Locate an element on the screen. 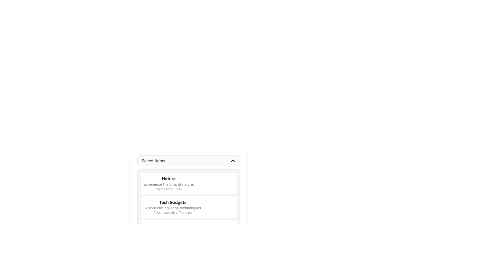 The height and width of the screenshot is (277, 494). the associated tags on the Information card titled 'Nature' which is the first item is located at coordinates (188, 183).